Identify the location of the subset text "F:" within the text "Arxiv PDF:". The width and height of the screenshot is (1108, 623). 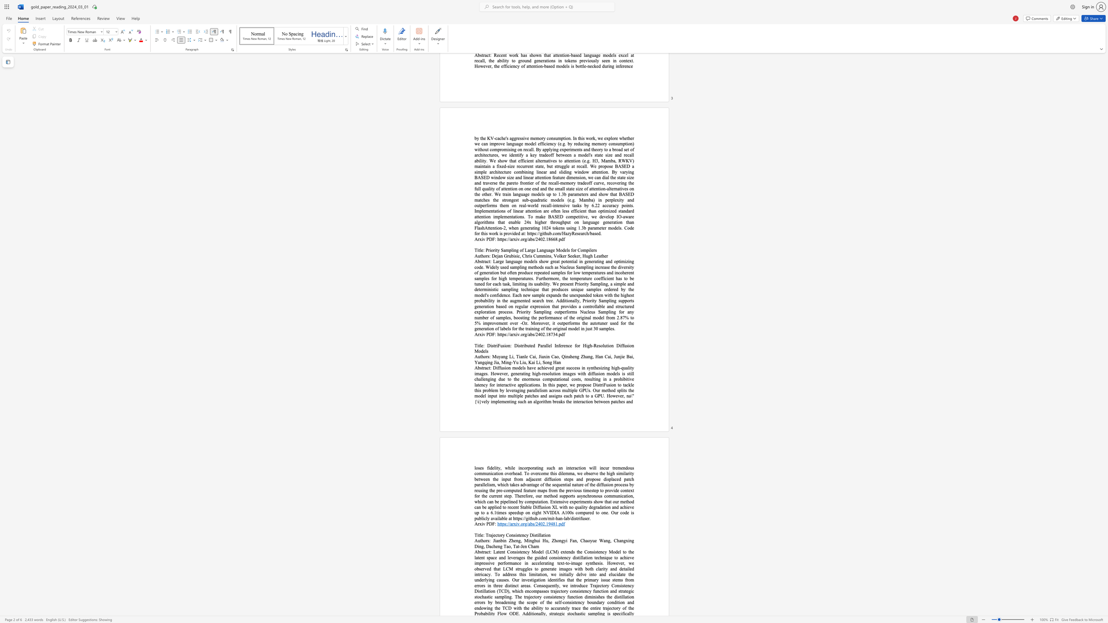
(492, 334).